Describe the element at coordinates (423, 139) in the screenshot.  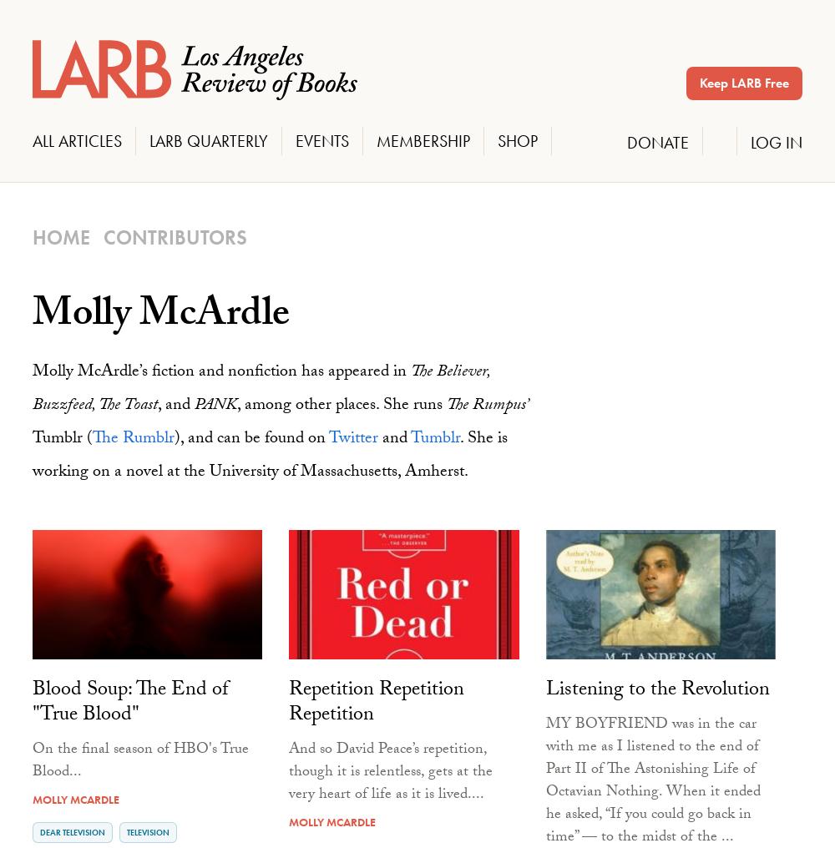
I see `'Membership'` at that location.